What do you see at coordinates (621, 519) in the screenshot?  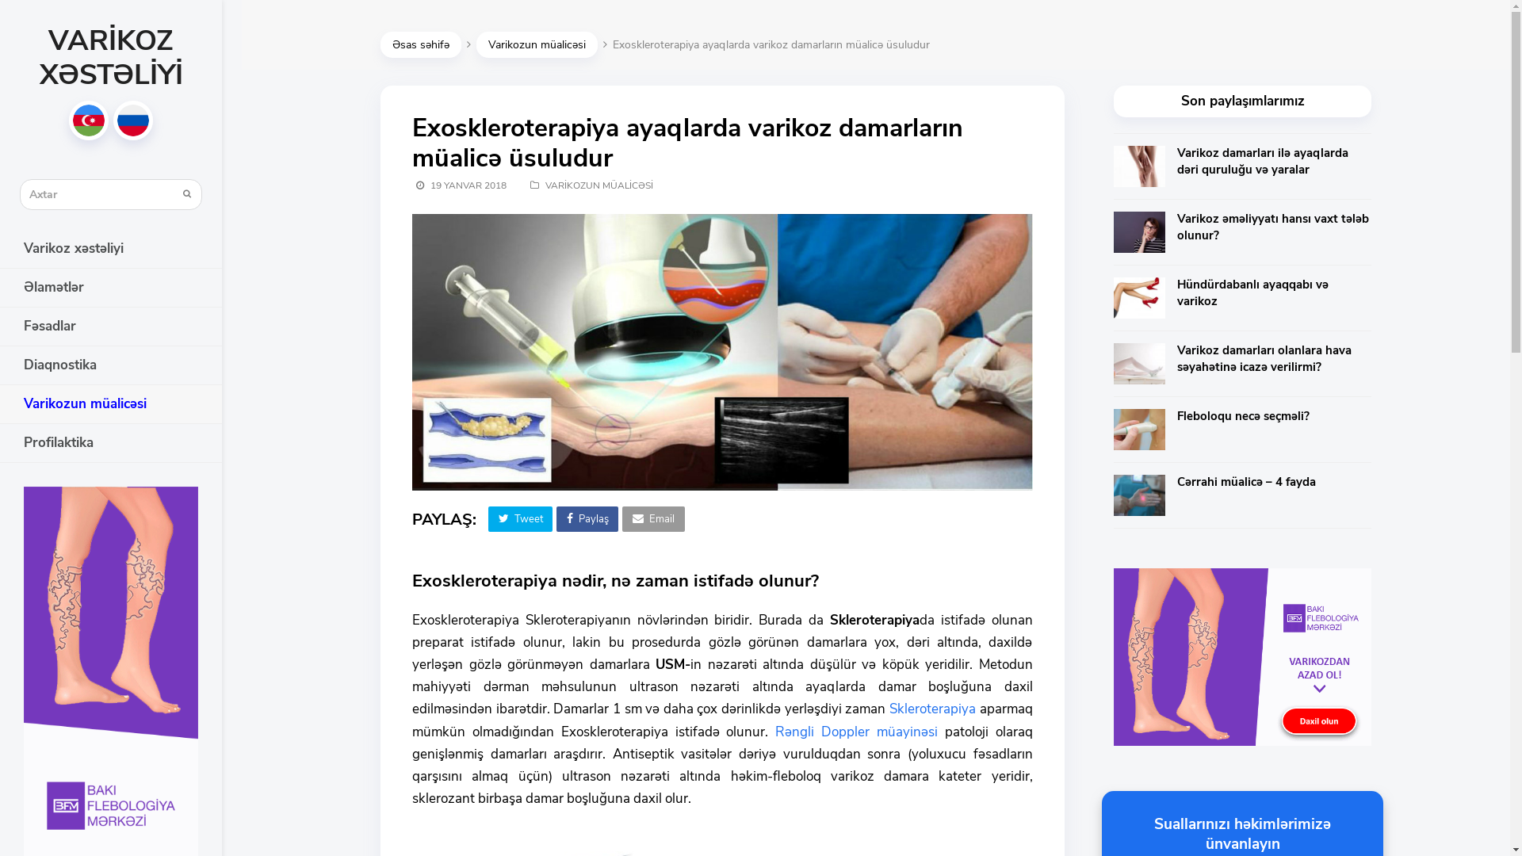 I see `'Email'` at bounding box center [621, 519].